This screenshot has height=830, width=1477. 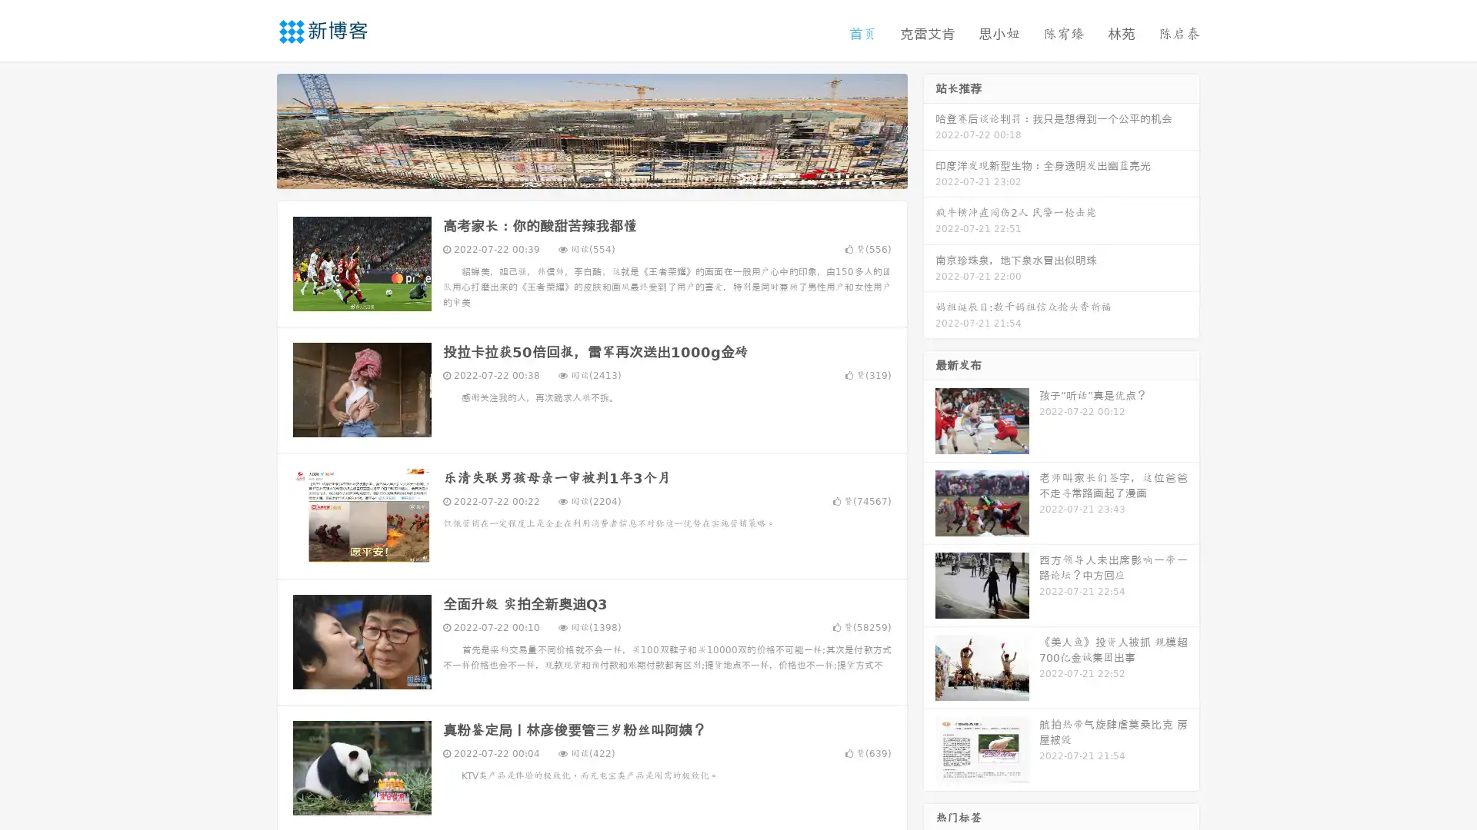 What do you see at coordinates (575, 173) in the screenshot?
I see `Go to slide 1` at bounding box center [575, 173].